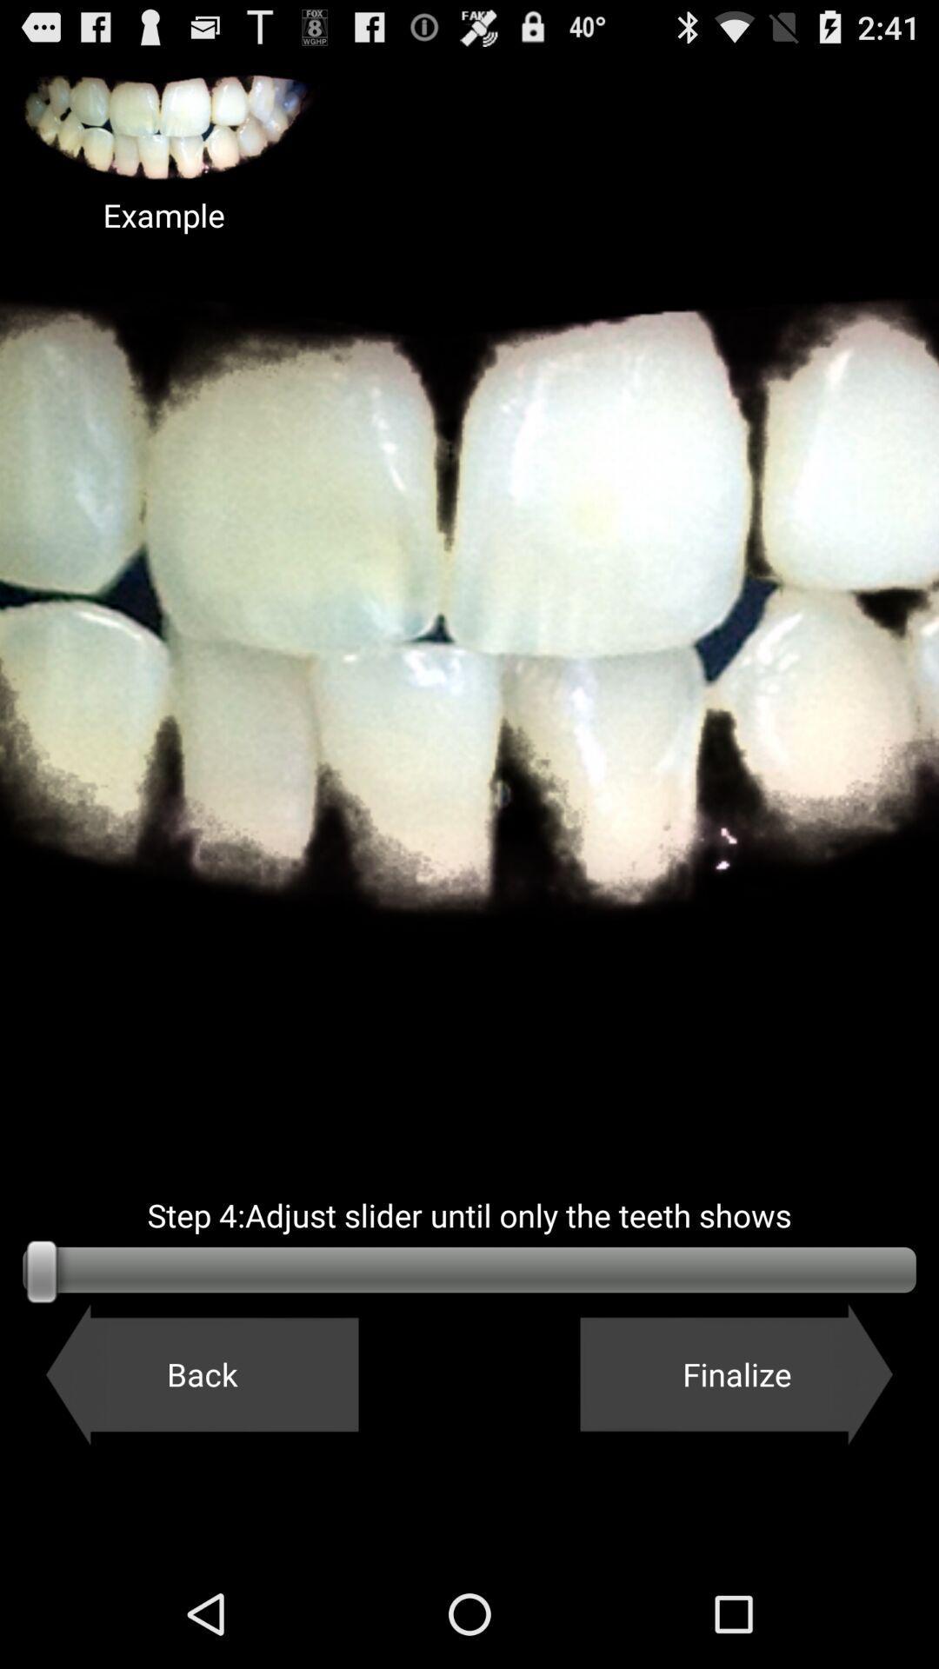  What do you see at coordinates (201, 1373) in the screenshot?
I see `the back item` at bounding box center [201, 1373].